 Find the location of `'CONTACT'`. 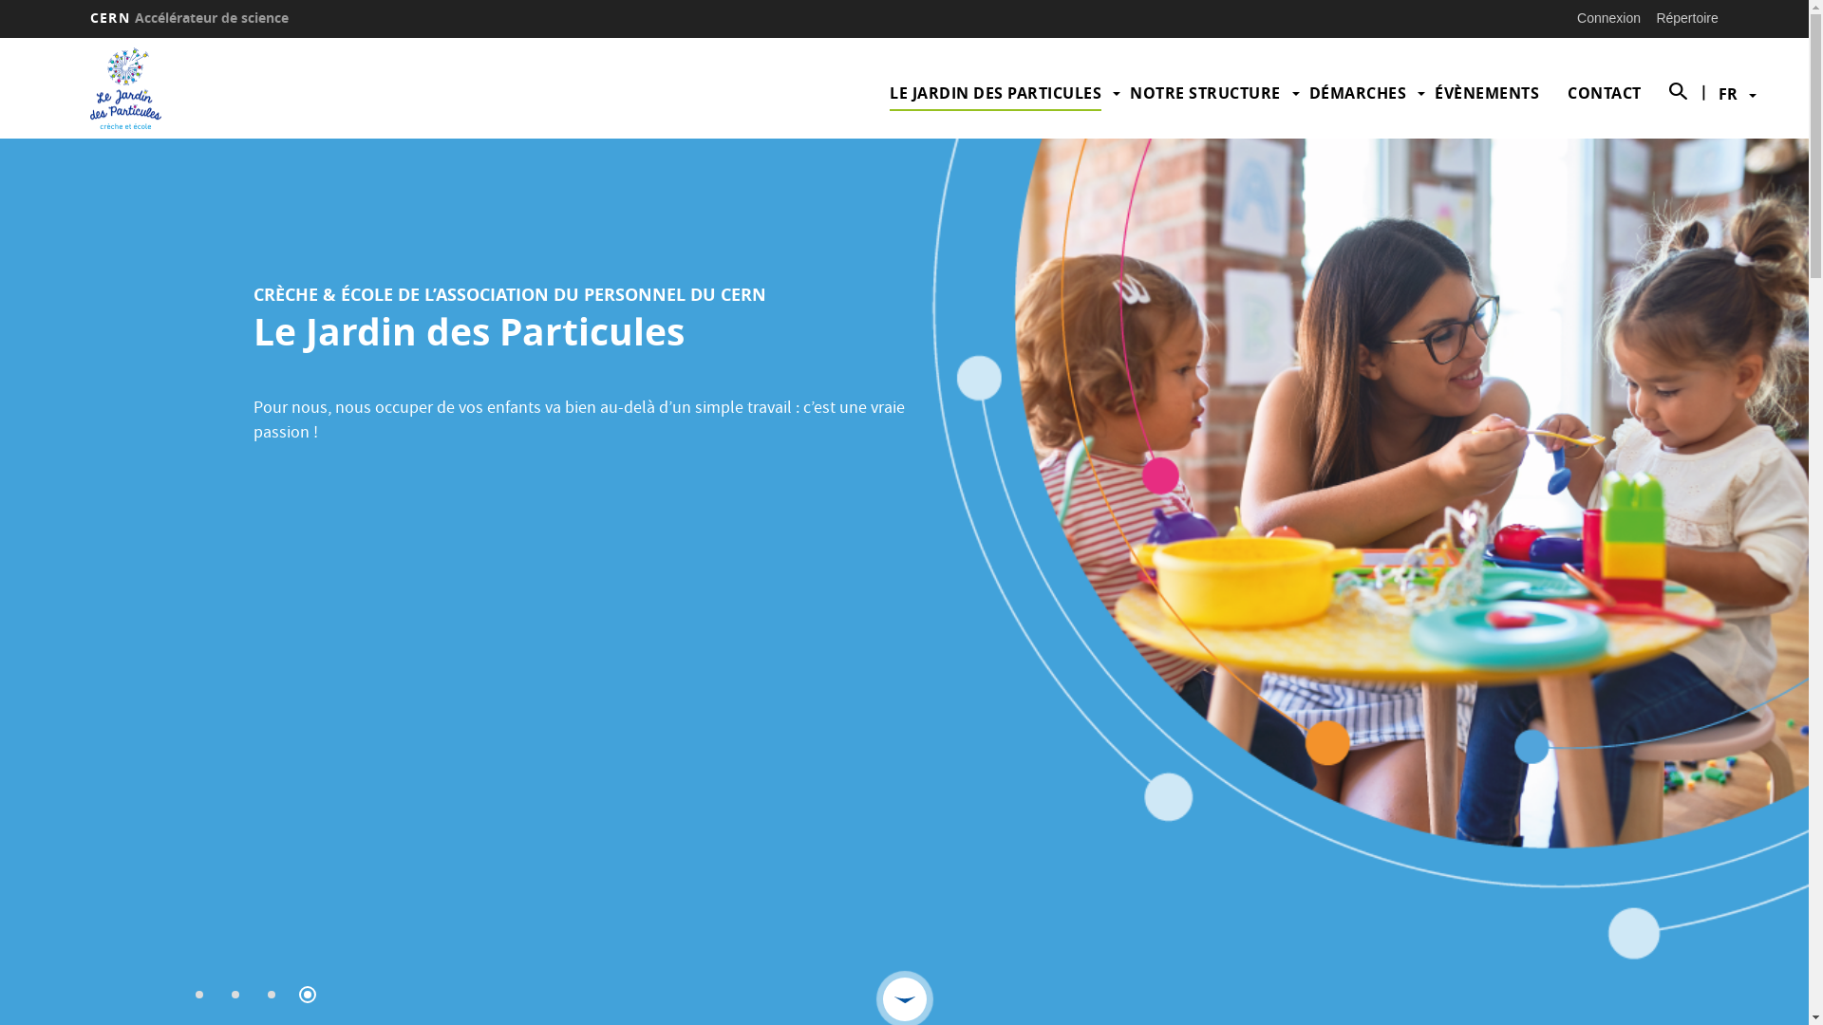

'CONTACT' is located at coordinates (1568, 92).